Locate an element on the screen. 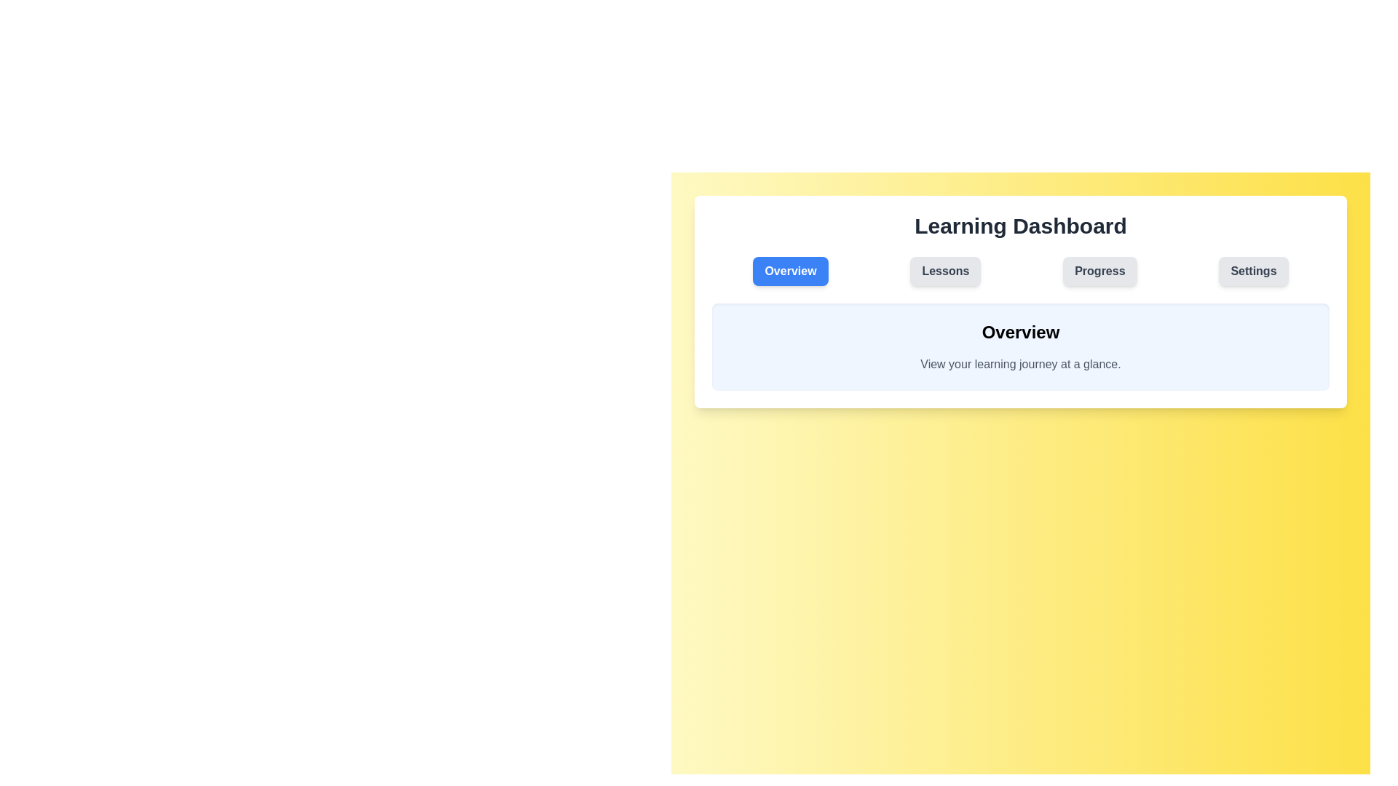 This screenshot has height=786, width=1398. the Overview tab to view its content is located at coordinates (789, 271).